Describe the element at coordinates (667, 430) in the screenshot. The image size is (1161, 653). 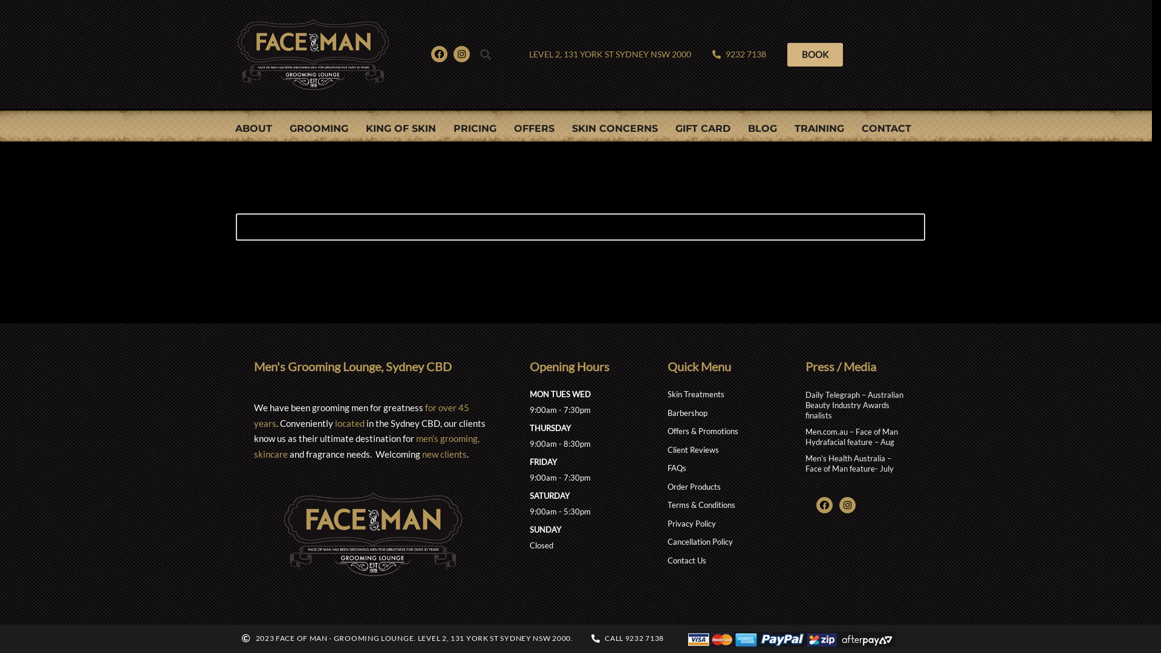
I see `'Offers & Promotions'` at that location.